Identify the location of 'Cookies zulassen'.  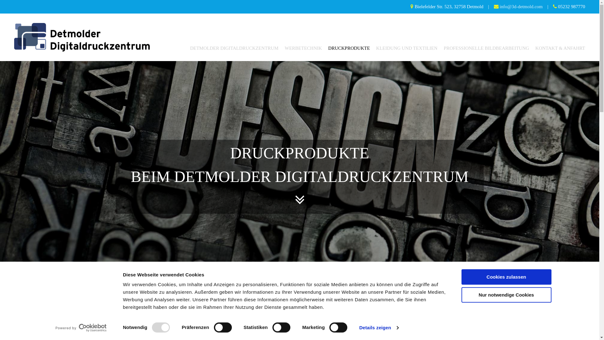
(461, 276).